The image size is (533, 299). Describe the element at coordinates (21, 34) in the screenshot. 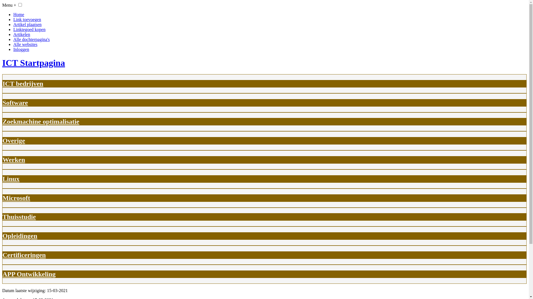

I see `'Artikelen'` at that location.